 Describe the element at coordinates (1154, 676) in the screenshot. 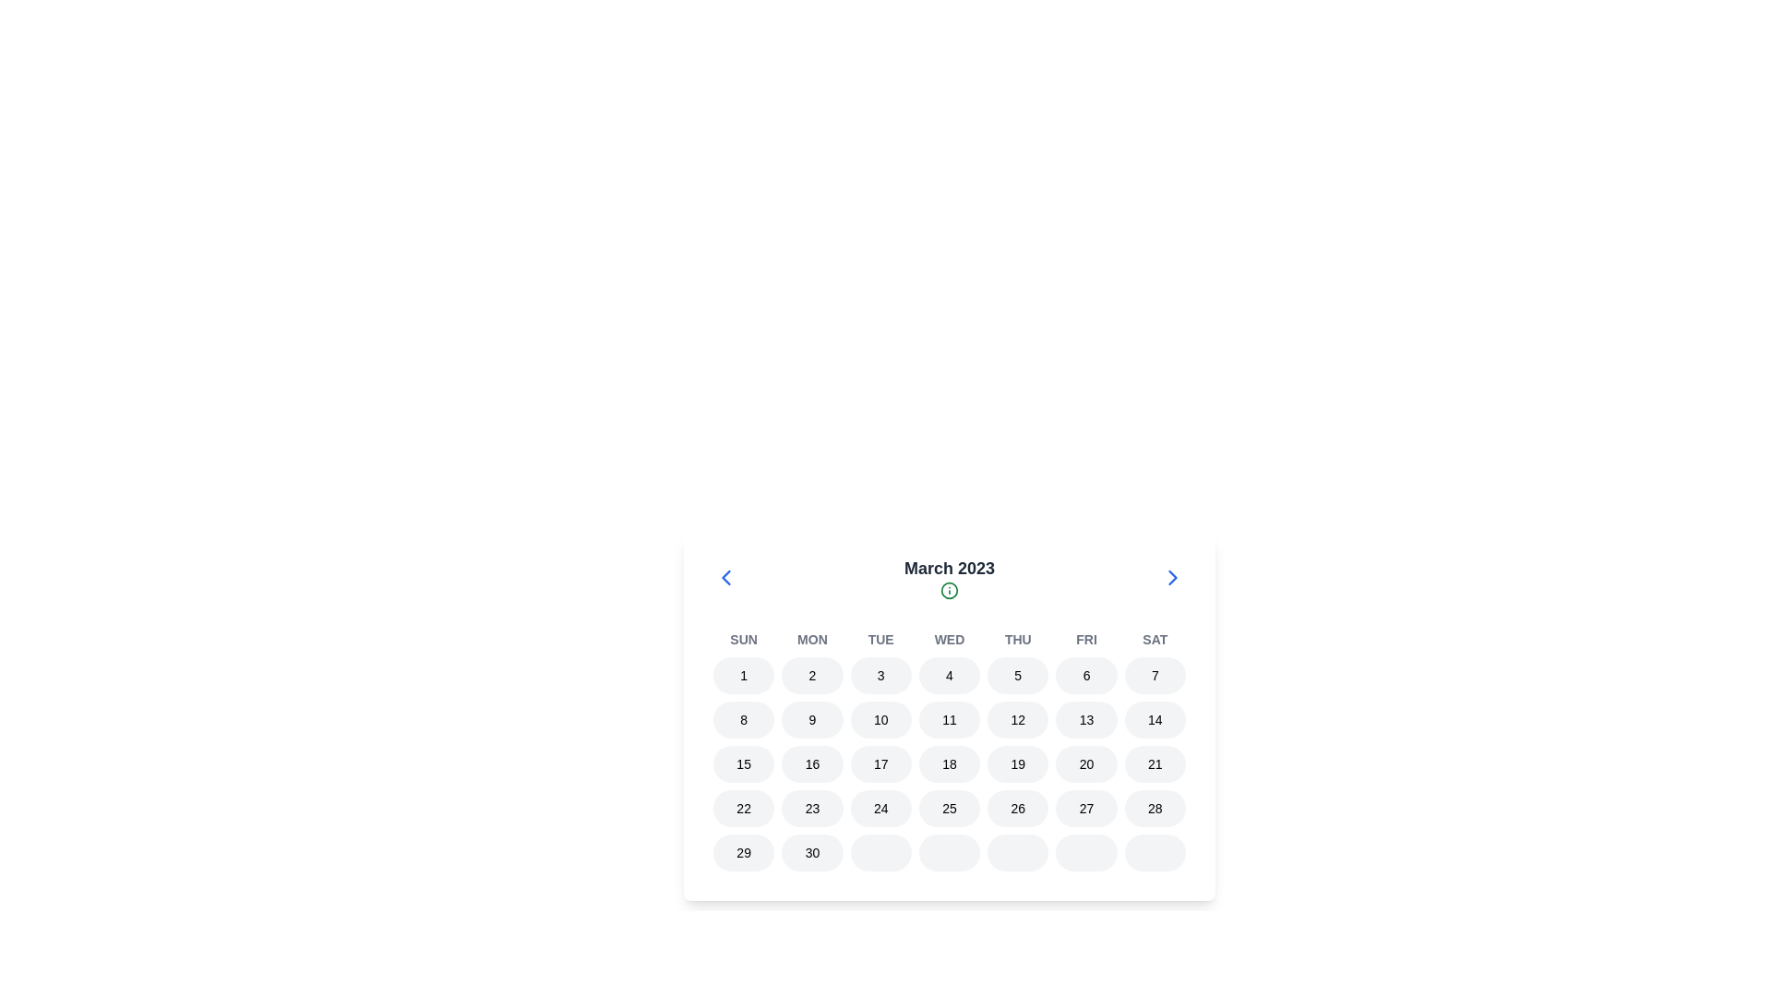

I see `the button representing the 7th selectable date in the calendar interface` at that location.